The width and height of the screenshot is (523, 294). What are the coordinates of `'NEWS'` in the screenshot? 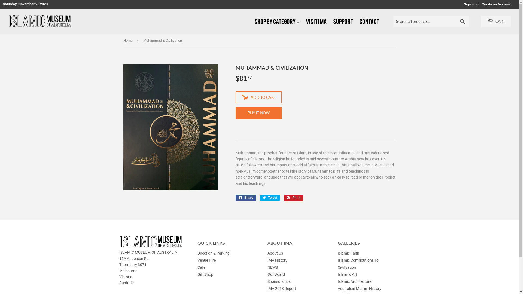 It's located at (273, 267).